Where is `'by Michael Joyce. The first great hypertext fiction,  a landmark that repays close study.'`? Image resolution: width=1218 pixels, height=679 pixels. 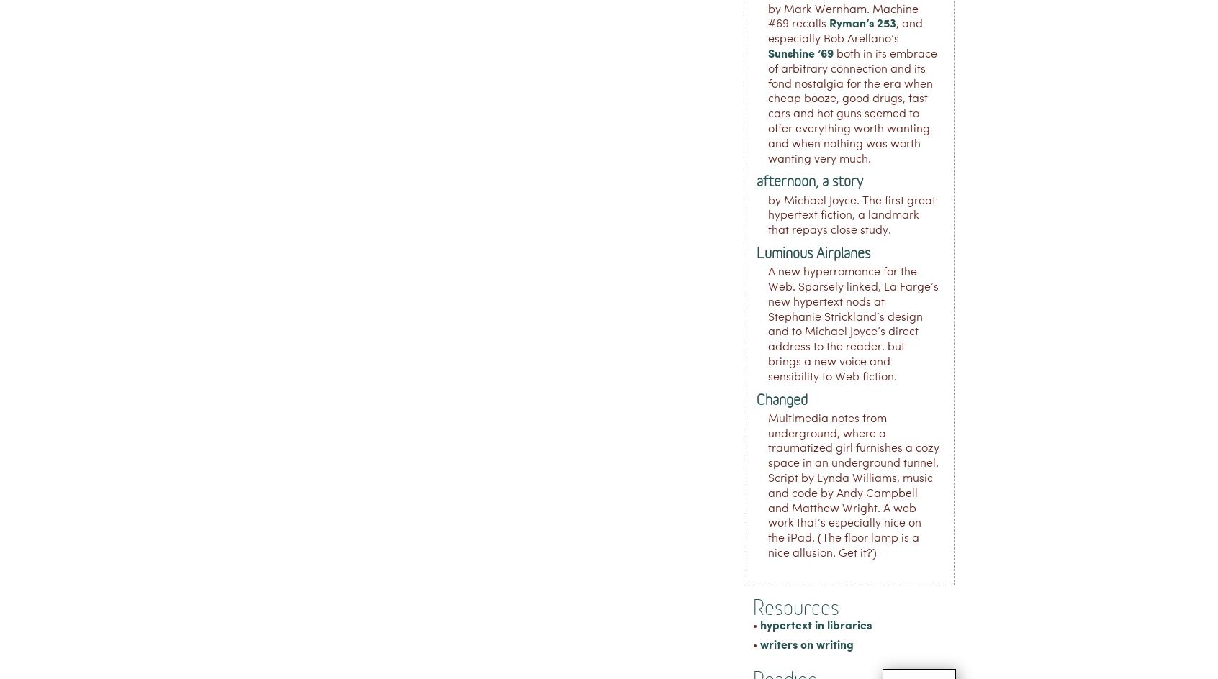 'by Michael Joyce. The first great hypertext fiction,  a landmark that repays close study.' is located at coordinates (851, 215).